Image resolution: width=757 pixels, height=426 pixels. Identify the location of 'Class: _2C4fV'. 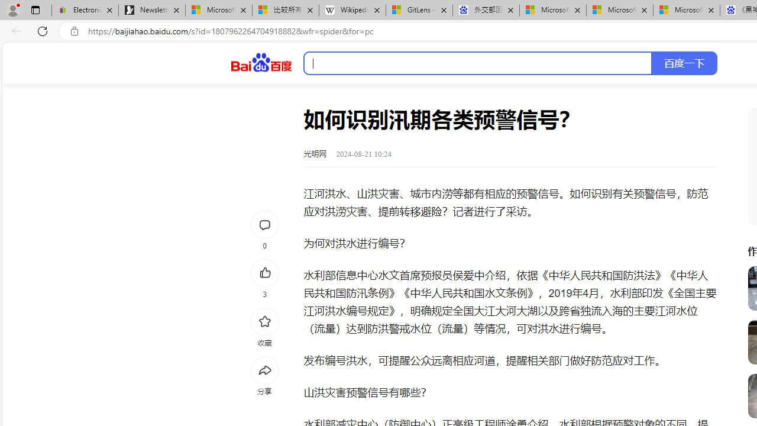
(478, 63).